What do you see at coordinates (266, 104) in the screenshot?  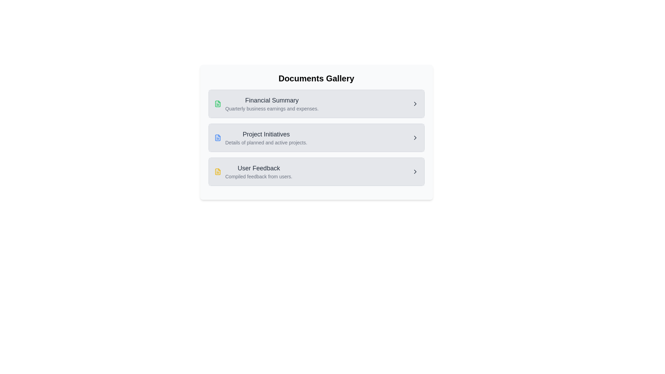 I see `the 'Financial Summary' list item, which features a prominent title and a document icon` at bounding box center [266, 104].